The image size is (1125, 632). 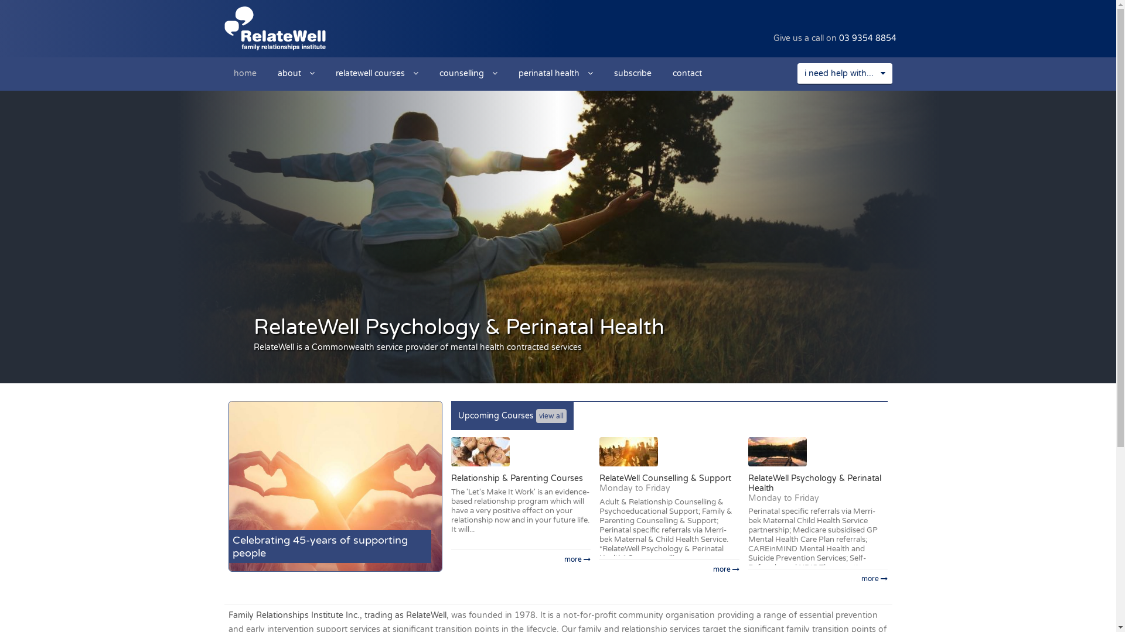 What do you see at coordinates (512, 415) in the screenshot?
I see `'Upcoming Courses view all'` at bounding box center [512, 415].